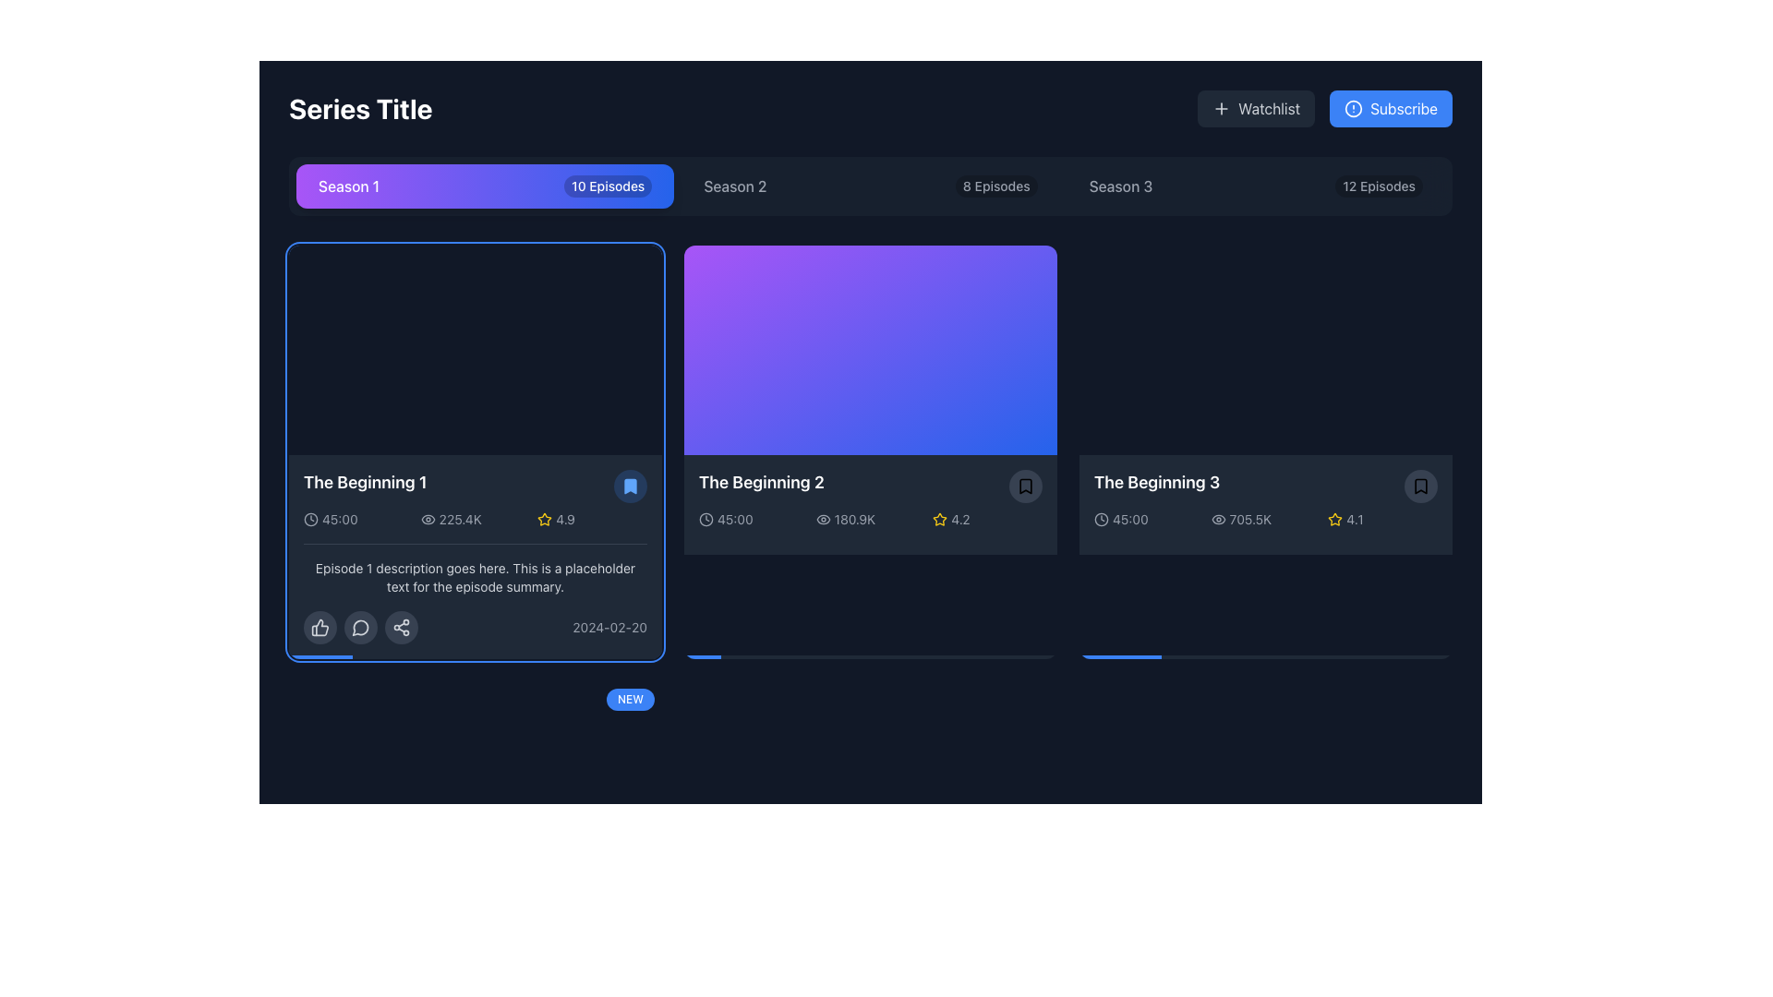  What do you see at coordinates (1265, 451) in the screenshot?
I see `the third video content card in the grid layout` at bounding box center [1265, 451].